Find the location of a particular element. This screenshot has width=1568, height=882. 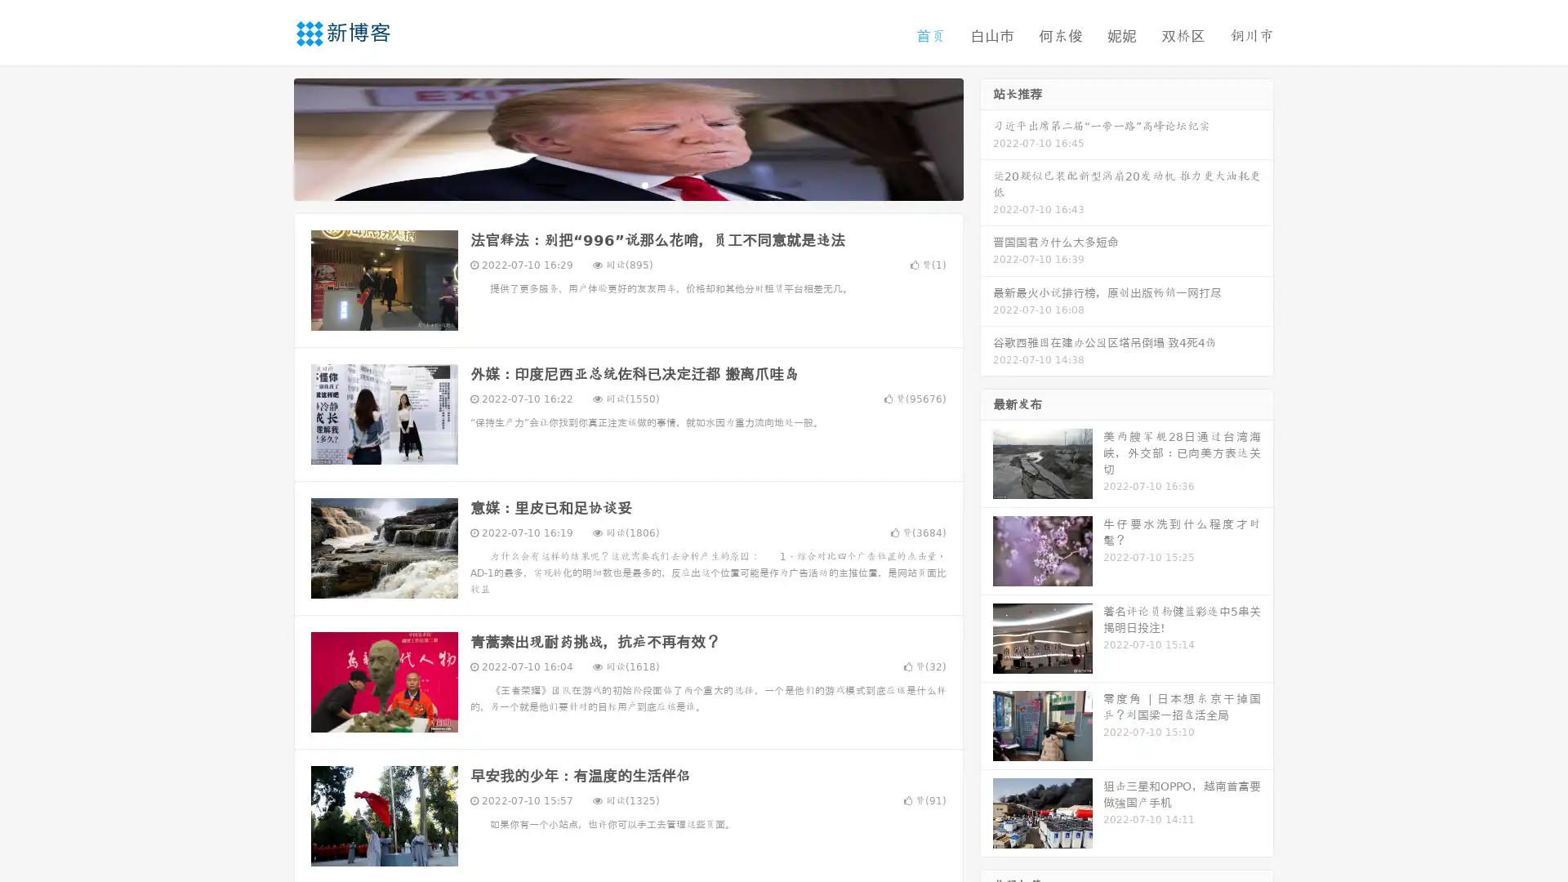

Go to slide 3 is located at coordinates (644, 184).